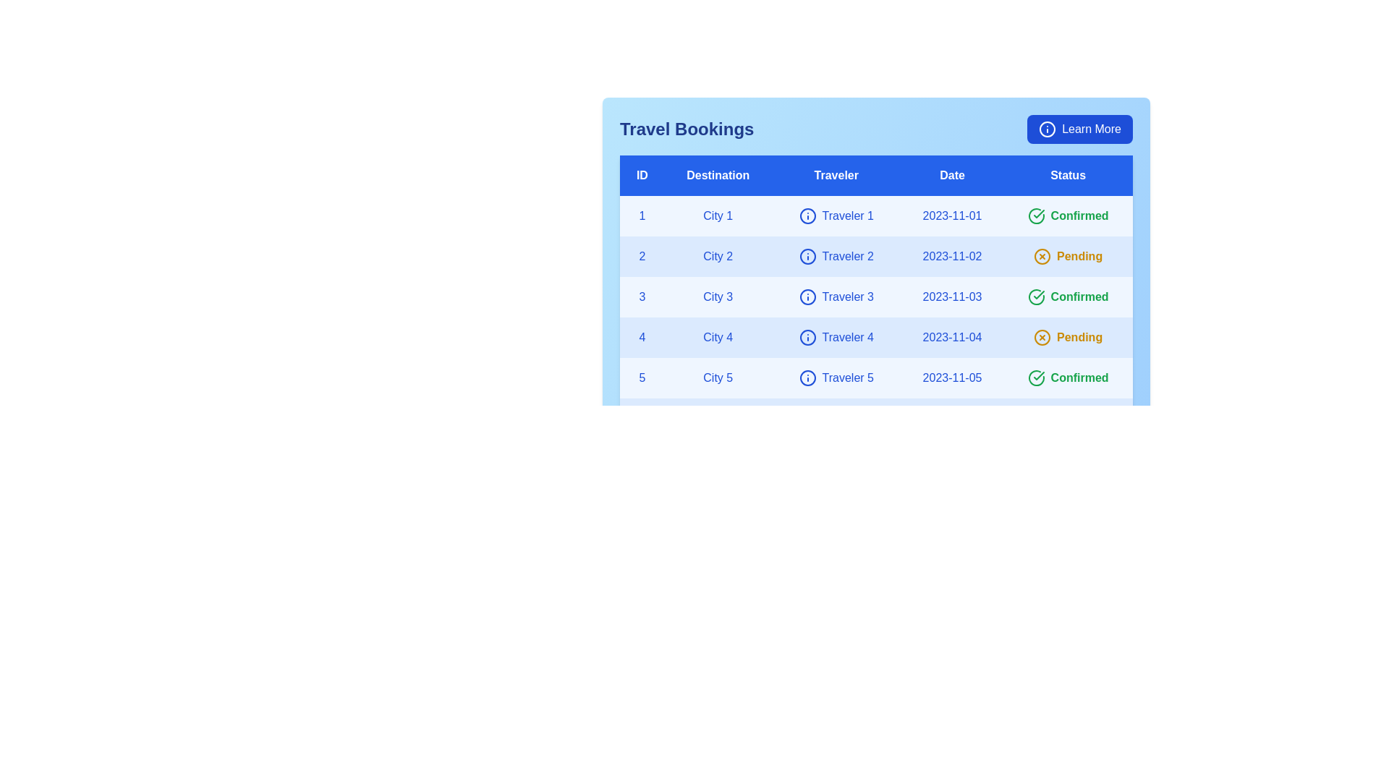  Describe the element at coordinates (807, 377) in the screenshot. I see `the 'Info' icon next to the traveler's name for traveler 5` at that location.